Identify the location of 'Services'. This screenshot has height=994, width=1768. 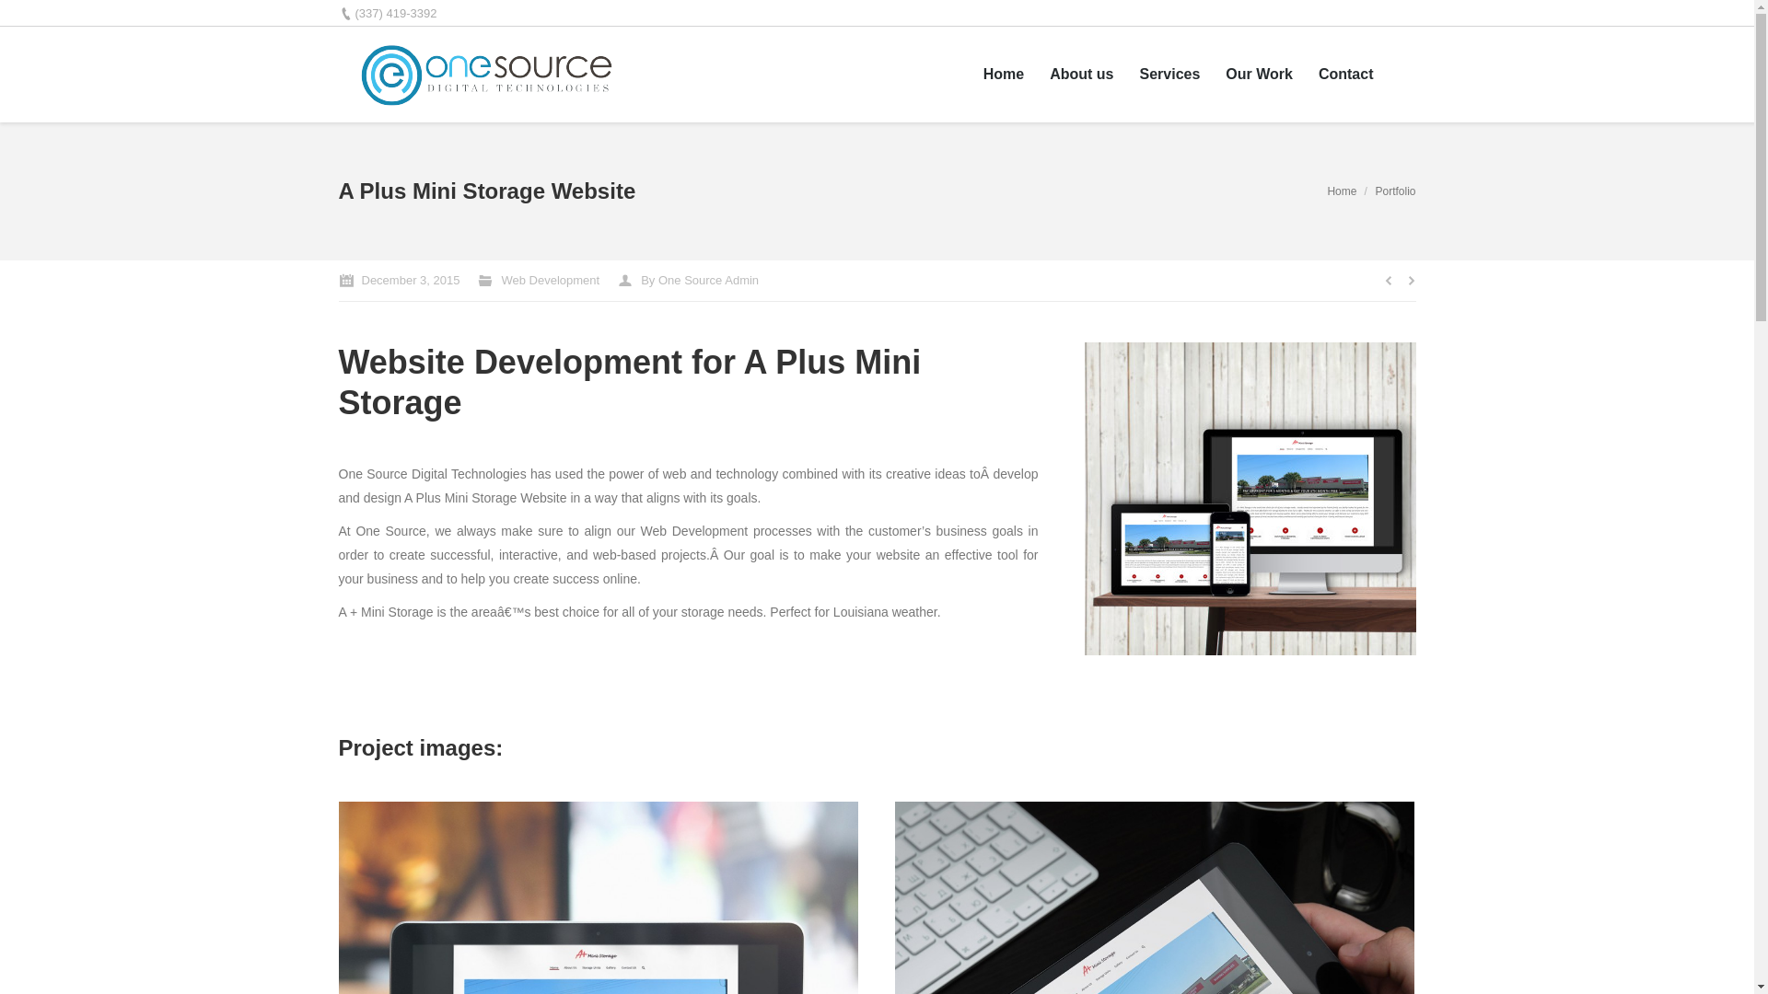
(1169, 74).